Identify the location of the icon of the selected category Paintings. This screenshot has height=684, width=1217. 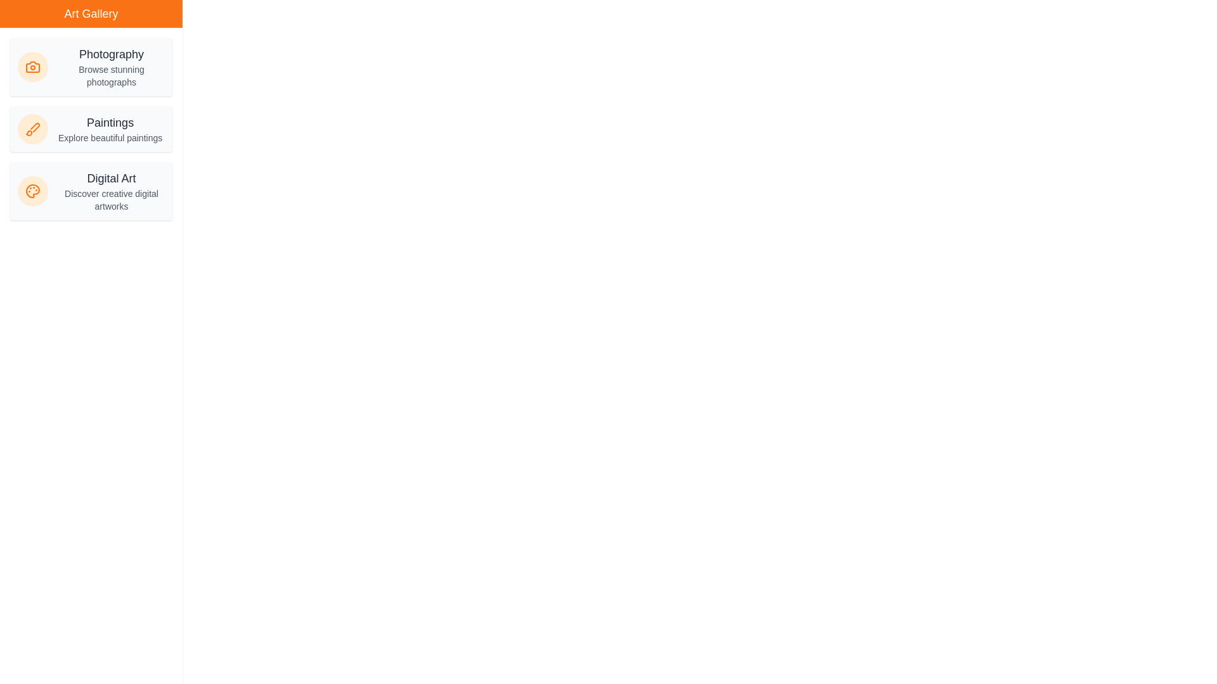
(33, 129).